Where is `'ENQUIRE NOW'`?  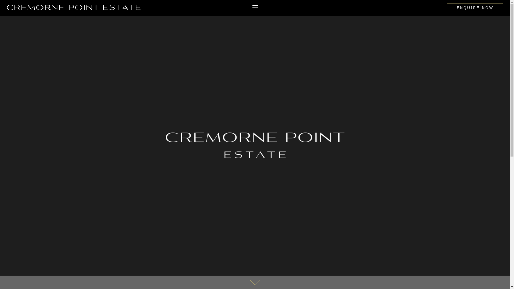
'ENQUIRE NOW' is located at coordinates (475, 8).